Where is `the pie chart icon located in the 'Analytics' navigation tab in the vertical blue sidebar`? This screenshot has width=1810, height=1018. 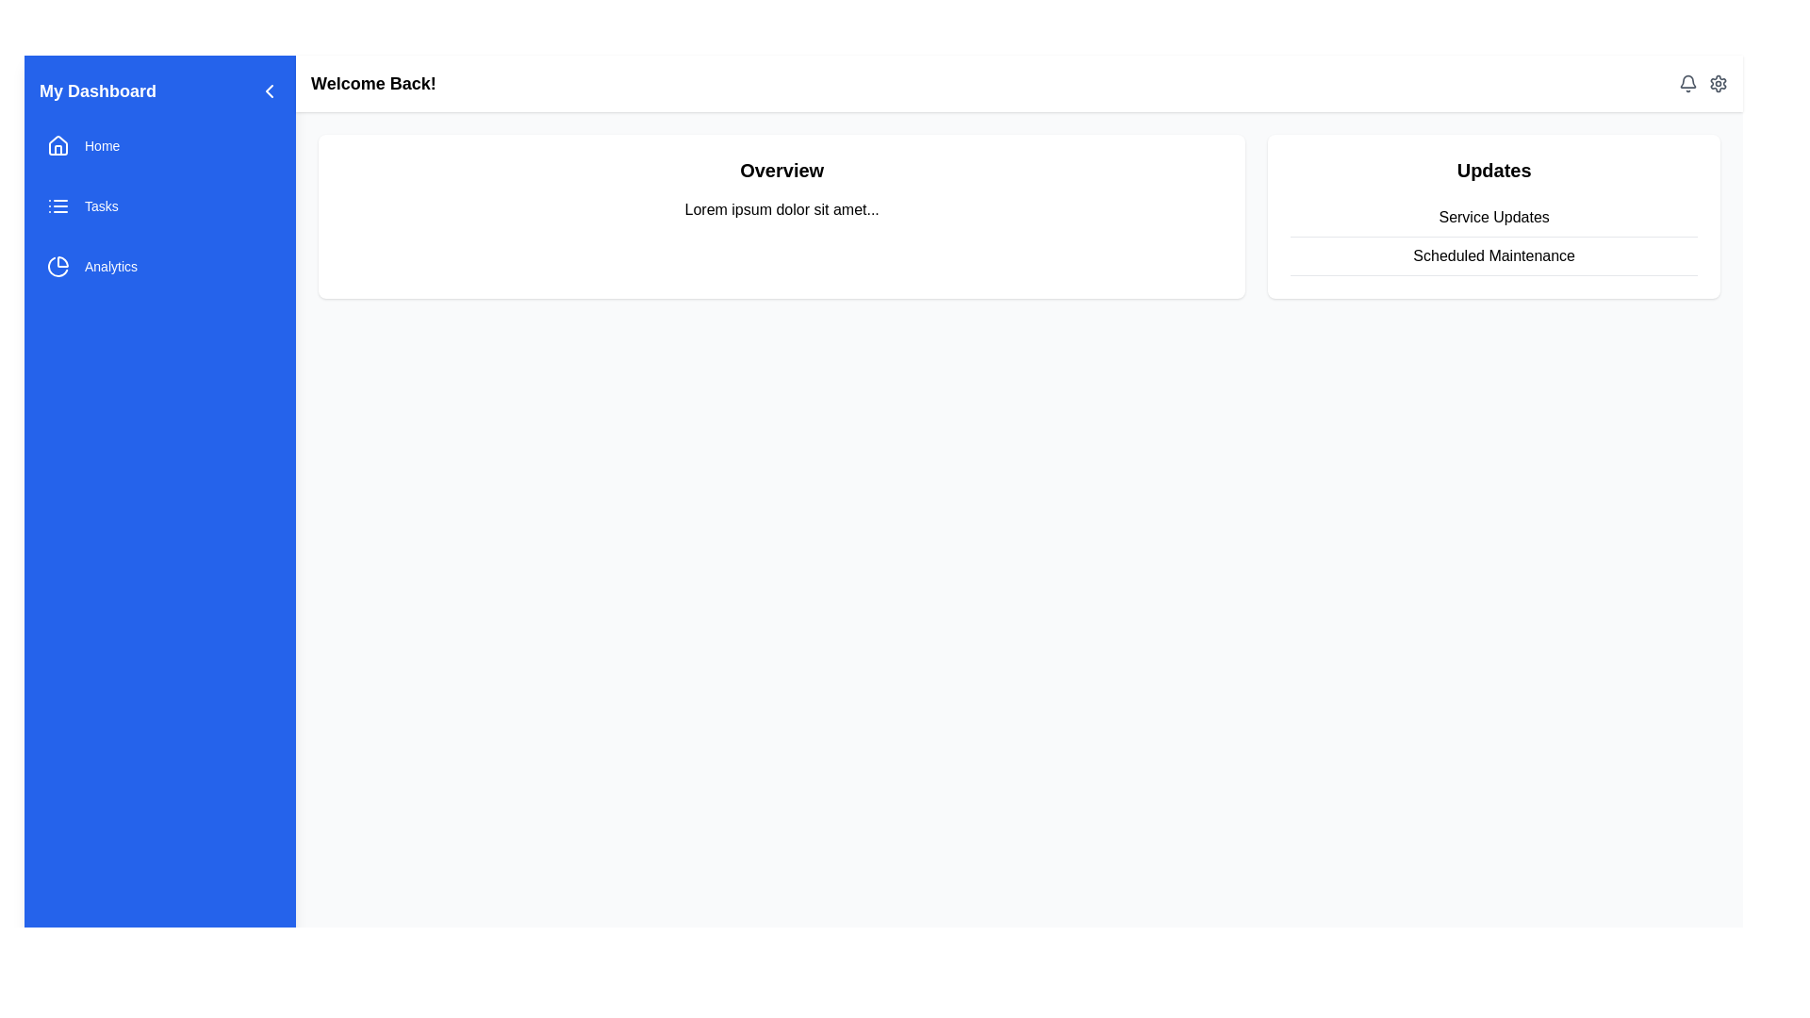 the pie chart icon located in the 'Analytics' navigation tab in the vertical blue sidebar is located at coordinates (58, 266).